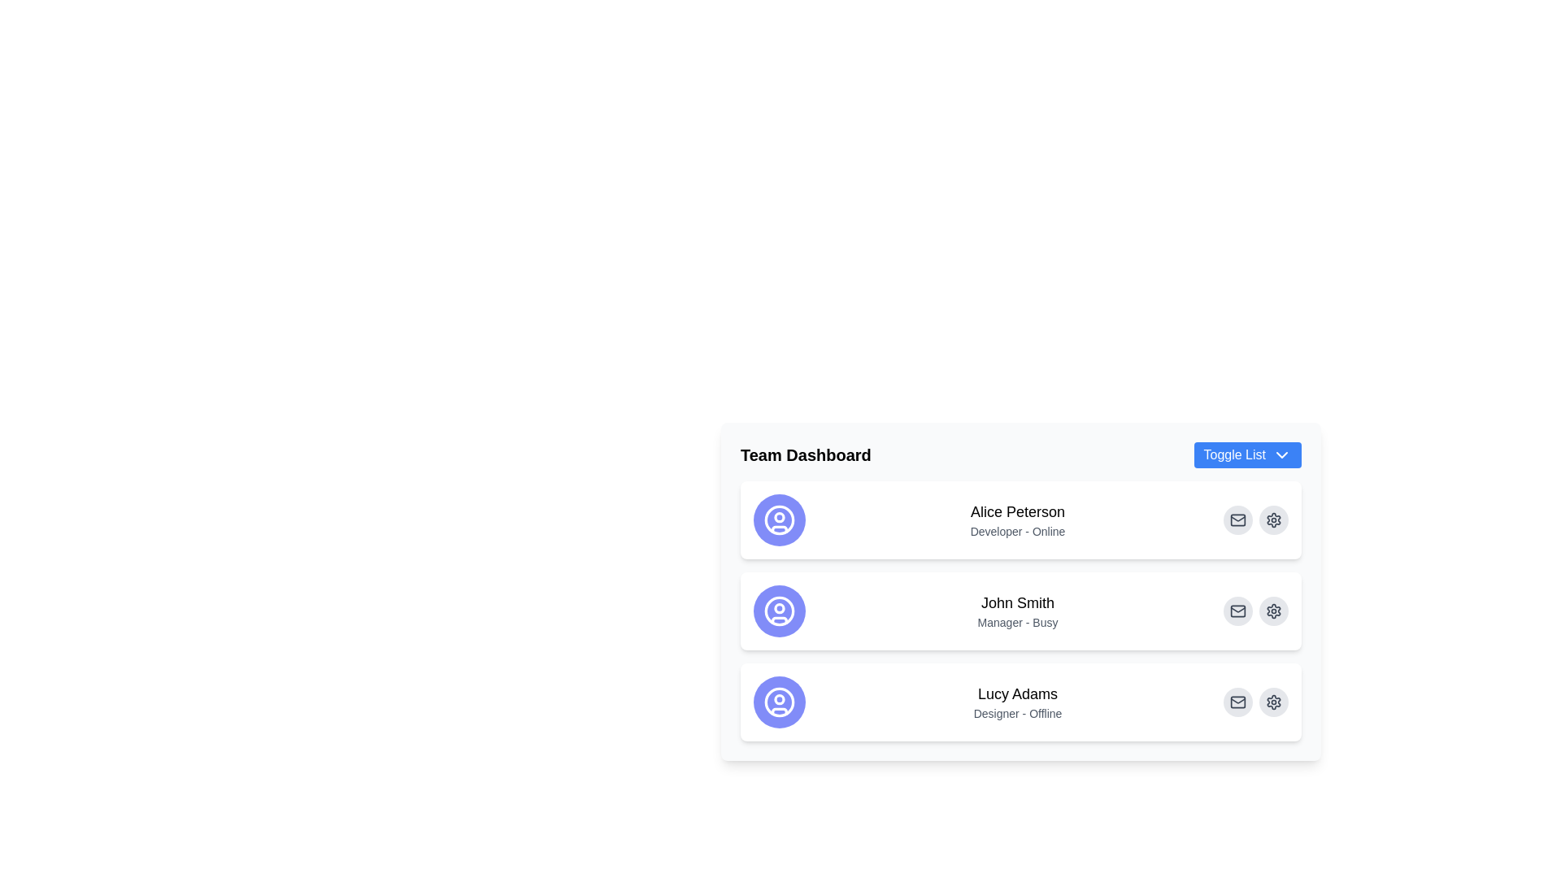  I want to click on the mail icon button in the profile card for 'Lucy Adams', so click(1237, 702).